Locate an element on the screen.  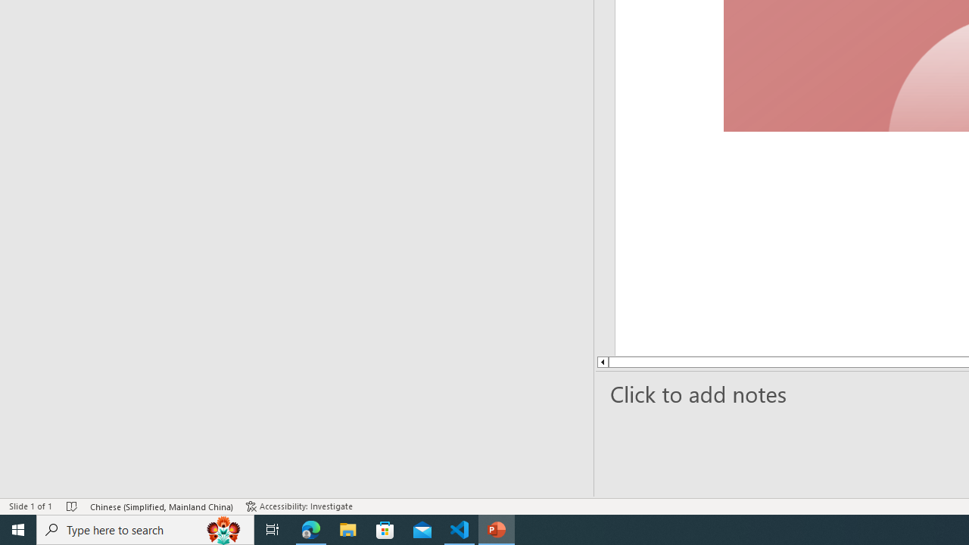
'Spell Check No Errors' is located at coordinates (72, 506).